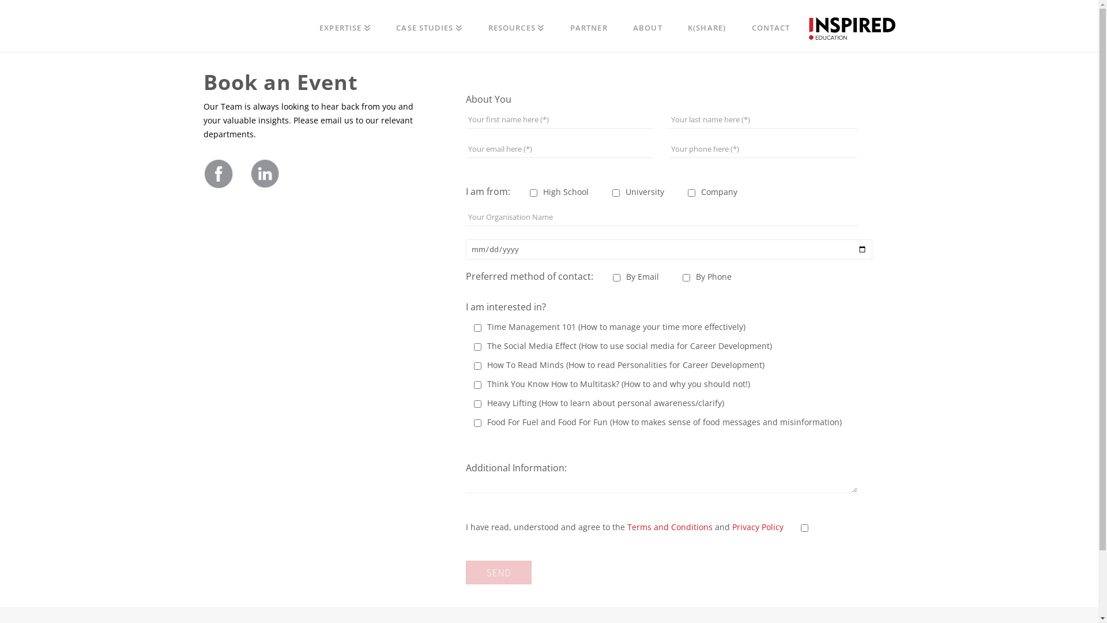 The image size is (1107, 623). What do you see at coordinates (647, 26) in the screenshot?
I see `'ABOUT'` at bounding box center [647, 26].